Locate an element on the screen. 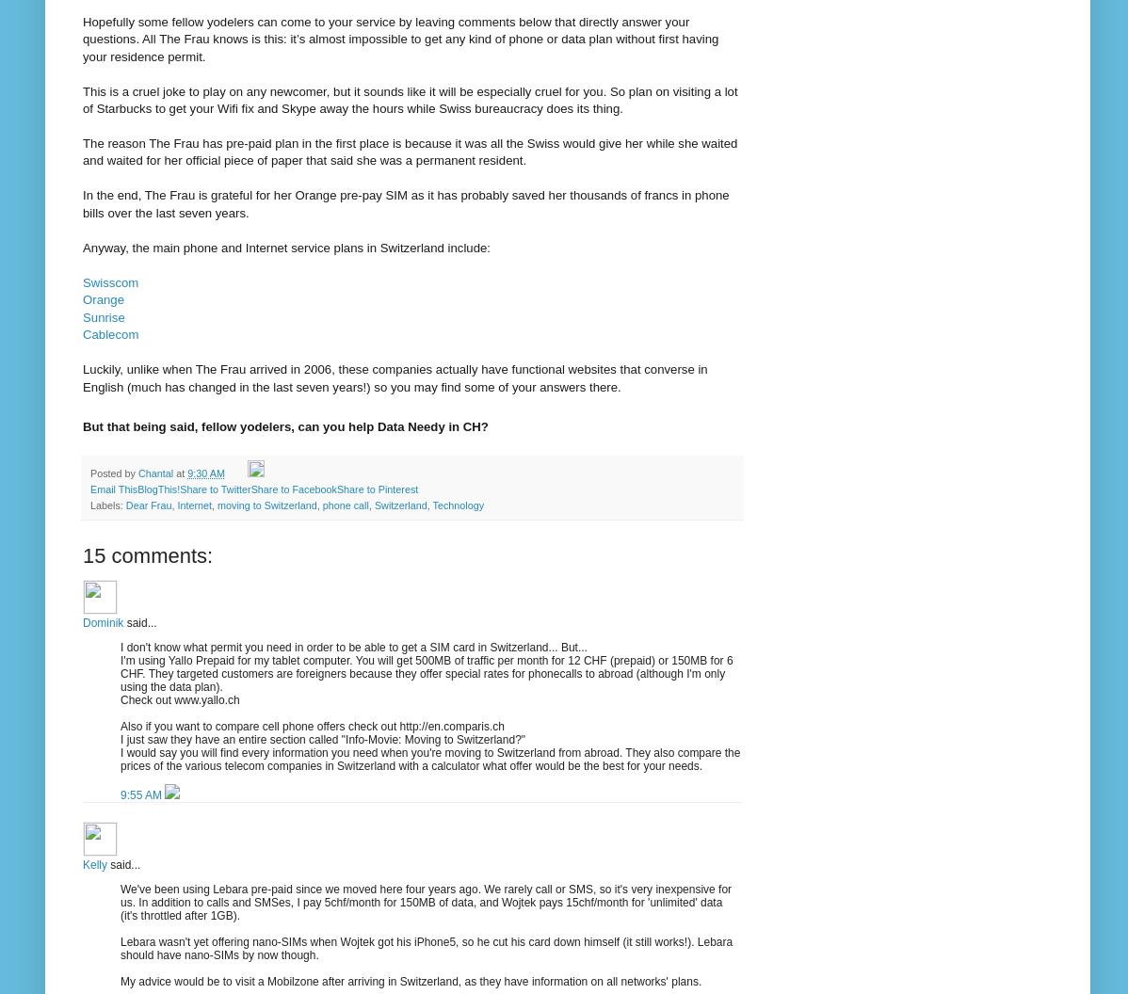 The width and height of the screenshot is (1128, 994). 'Share to Twitter' is located at coordinates (178, 488).